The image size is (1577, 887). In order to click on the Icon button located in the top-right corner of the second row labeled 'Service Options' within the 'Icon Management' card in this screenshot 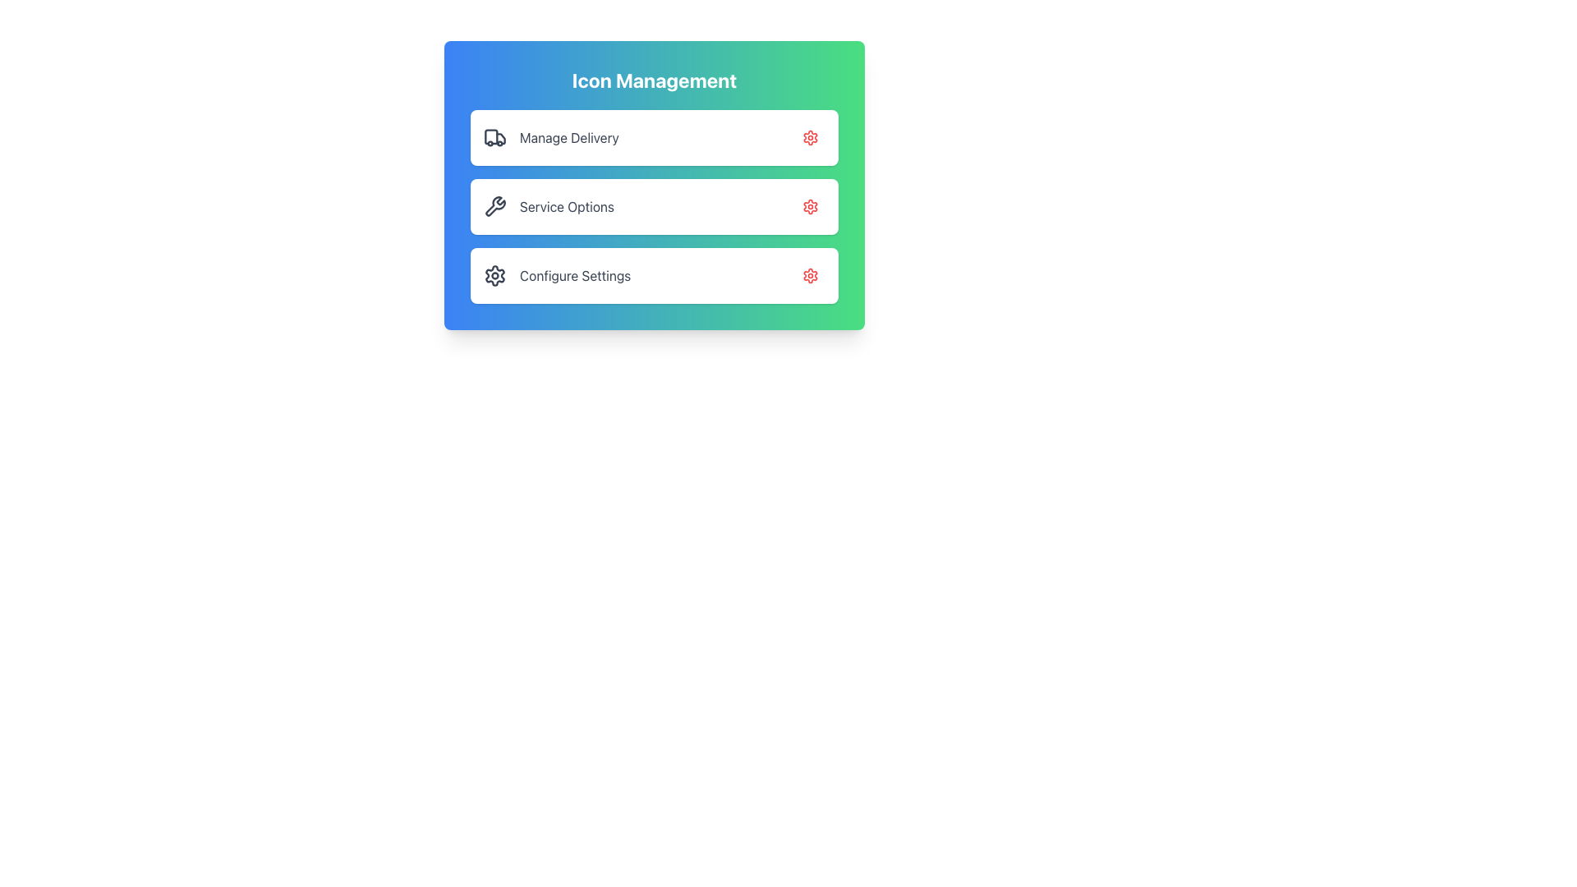, I will do `click(811, 205)`.